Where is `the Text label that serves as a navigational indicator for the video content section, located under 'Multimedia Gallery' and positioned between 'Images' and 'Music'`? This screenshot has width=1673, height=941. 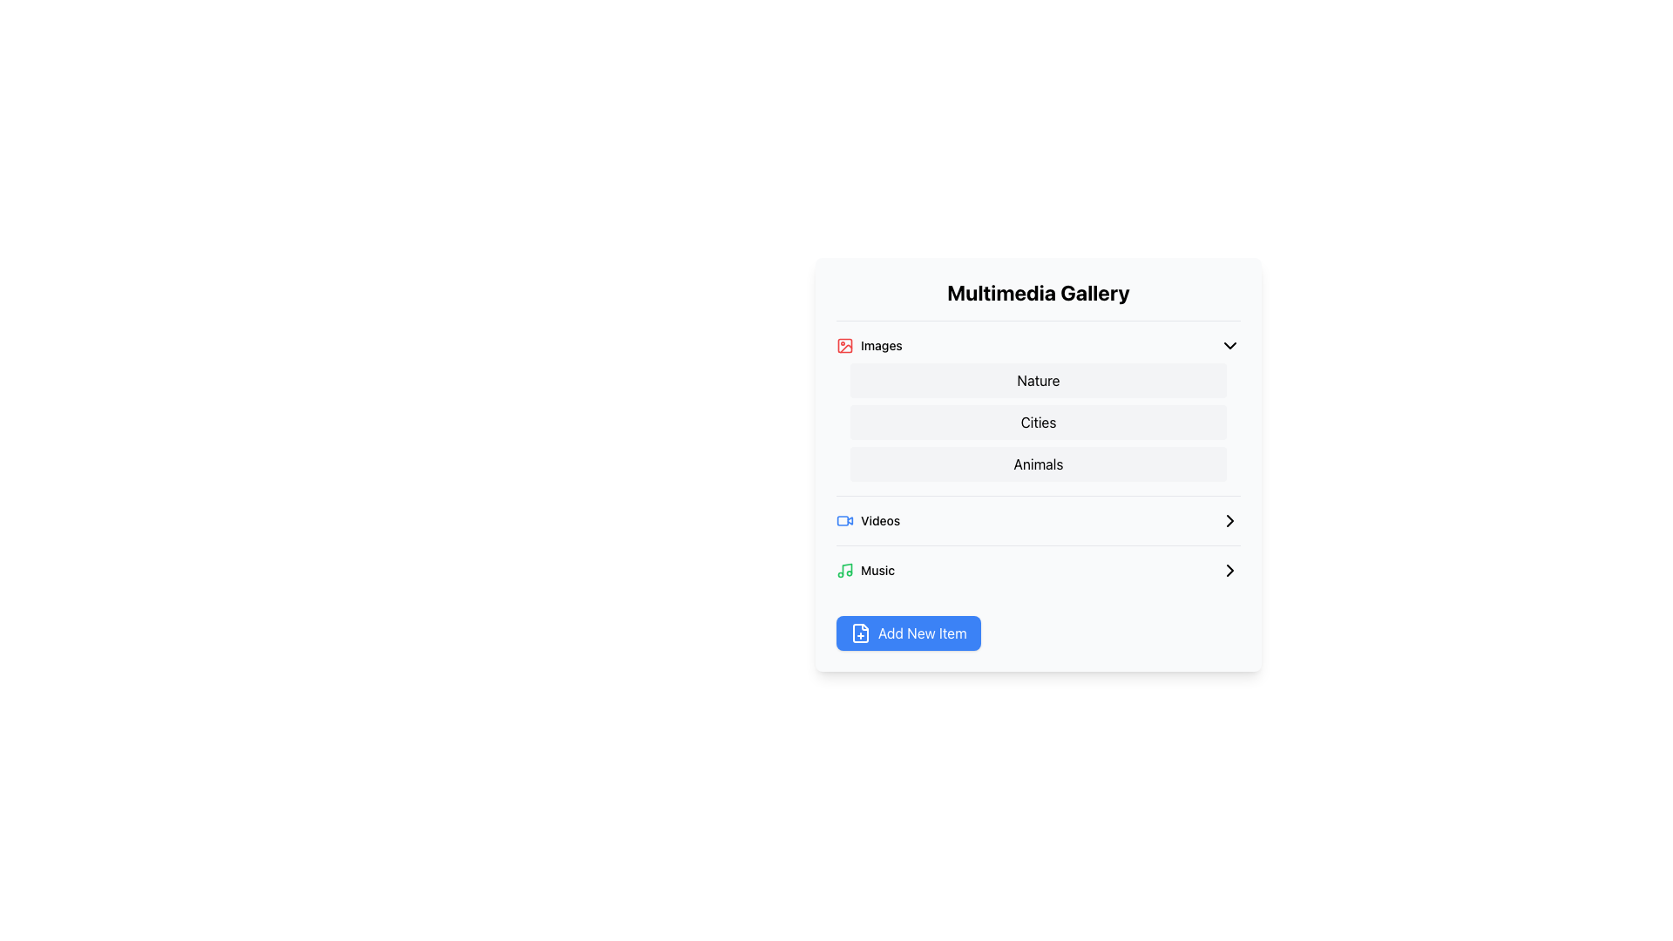
the Text label that serves as a navigational indicator for the video content section, located under 'Multimedia Gallery' and positioned between 'Images' and 'Music' is located at coordinates (880, 519).